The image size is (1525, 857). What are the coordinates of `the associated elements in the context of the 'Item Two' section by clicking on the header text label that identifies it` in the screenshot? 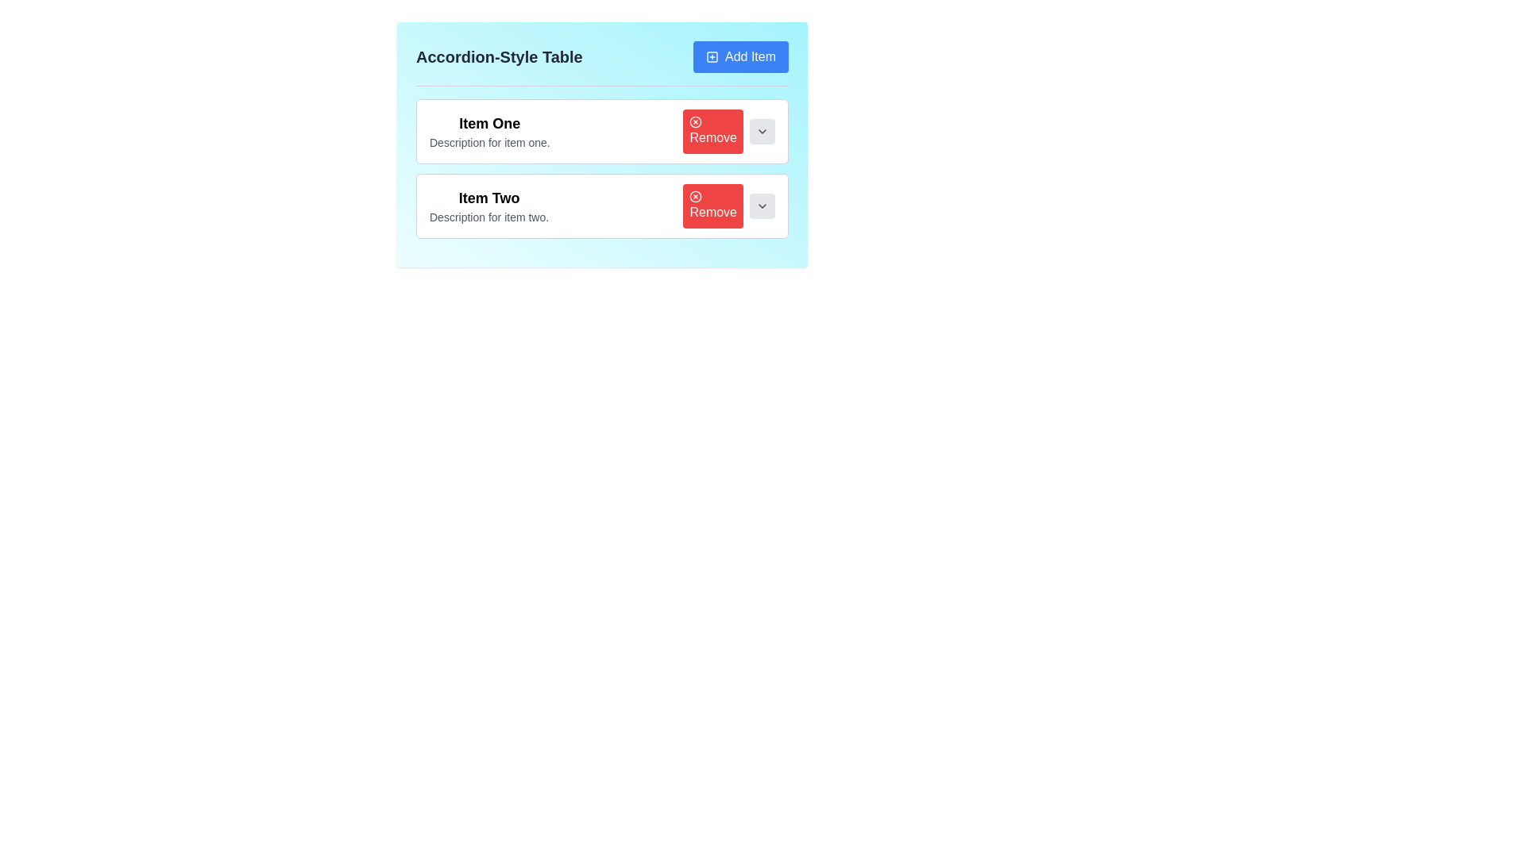 It's located at (488, 198).